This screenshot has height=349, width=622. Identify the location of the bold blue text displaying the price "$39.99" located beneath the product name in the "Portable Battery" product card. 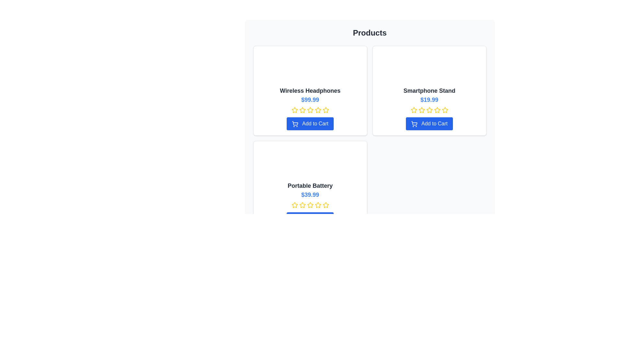
(310, 194).